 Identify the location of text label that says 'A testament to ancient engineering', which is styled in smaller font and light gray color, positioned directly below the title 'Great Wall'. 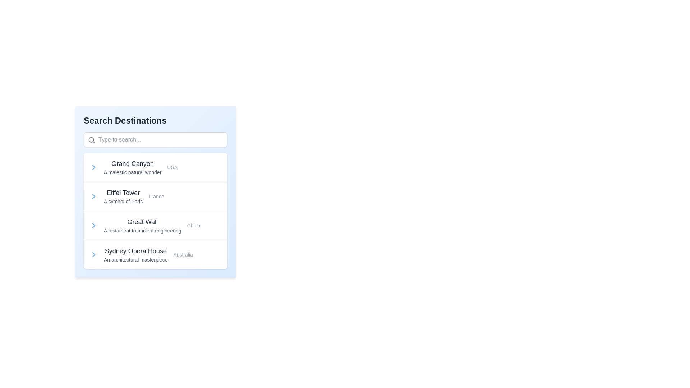
(142, 230).